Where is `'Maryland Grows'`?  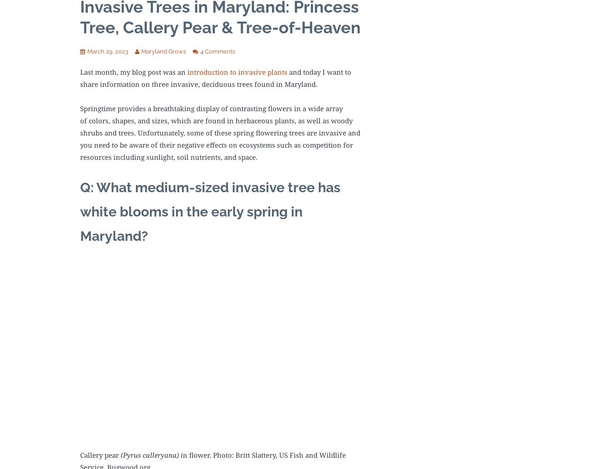 'Maryland Grows' is located at coordinates (163, 51).